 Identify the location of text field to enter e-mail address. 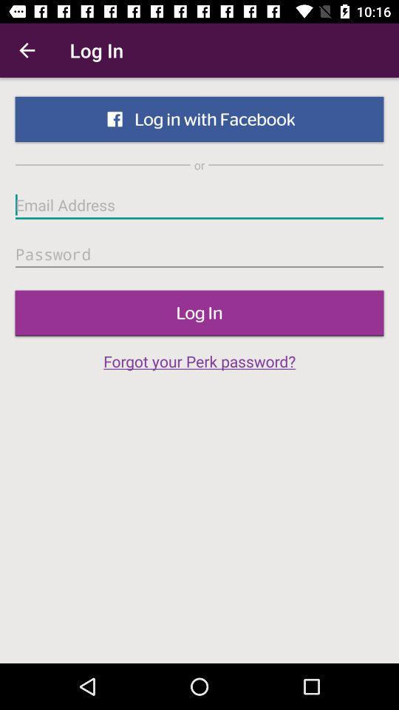
(199, 204).